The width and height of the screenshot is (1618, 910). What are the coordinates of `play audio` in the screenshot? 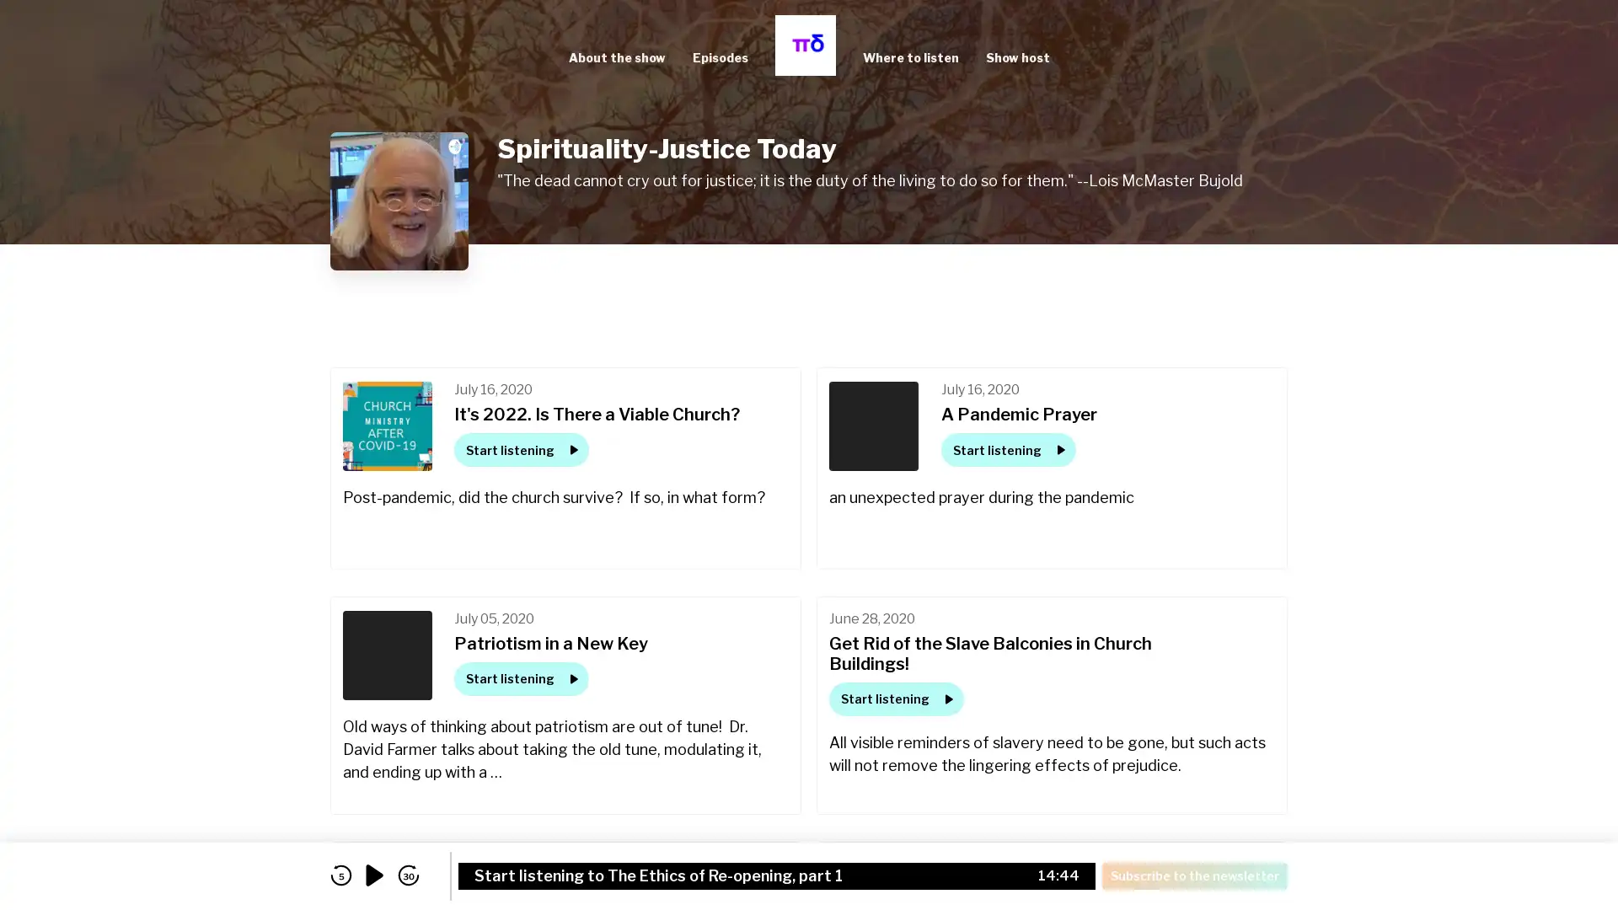 It's located at (374, 875).